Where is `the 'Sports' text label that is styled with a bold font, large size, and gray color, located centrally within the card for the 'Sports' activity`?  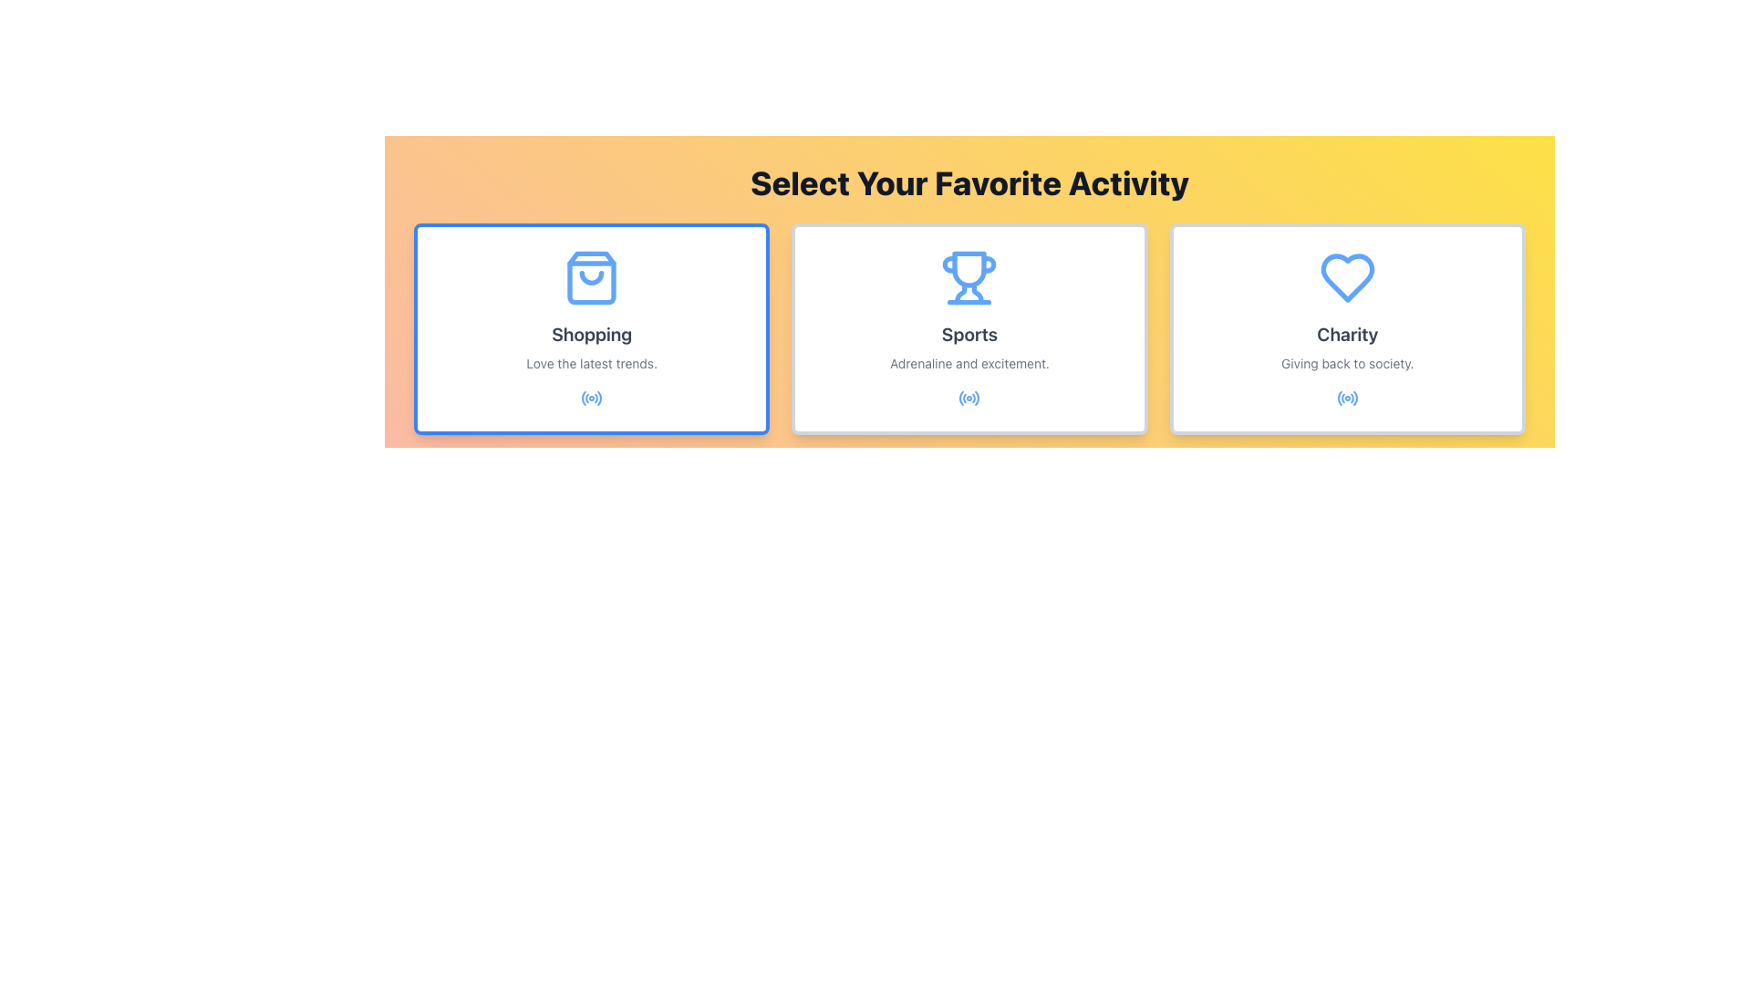
the 'Sports' text label that is styled with a bold font, large size, and gray color, located centrally within the card for the 'Sports' activity is located at coordinates (969, 334).